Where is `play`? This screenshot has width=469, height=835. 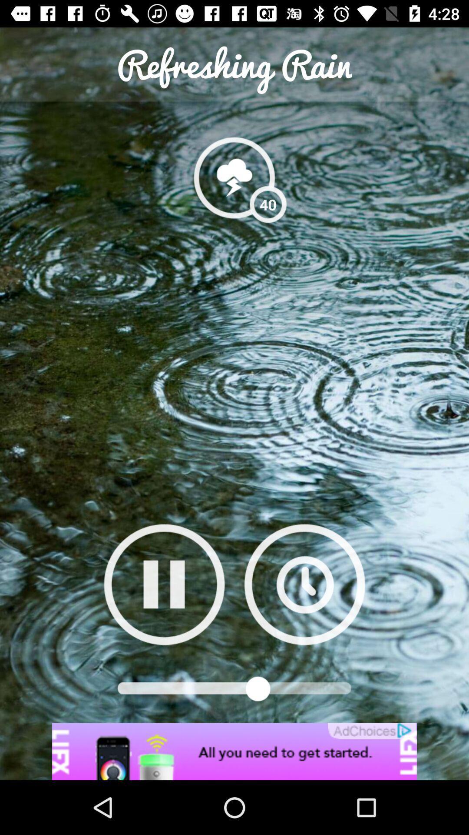
play is located at coordinates (164, 584).